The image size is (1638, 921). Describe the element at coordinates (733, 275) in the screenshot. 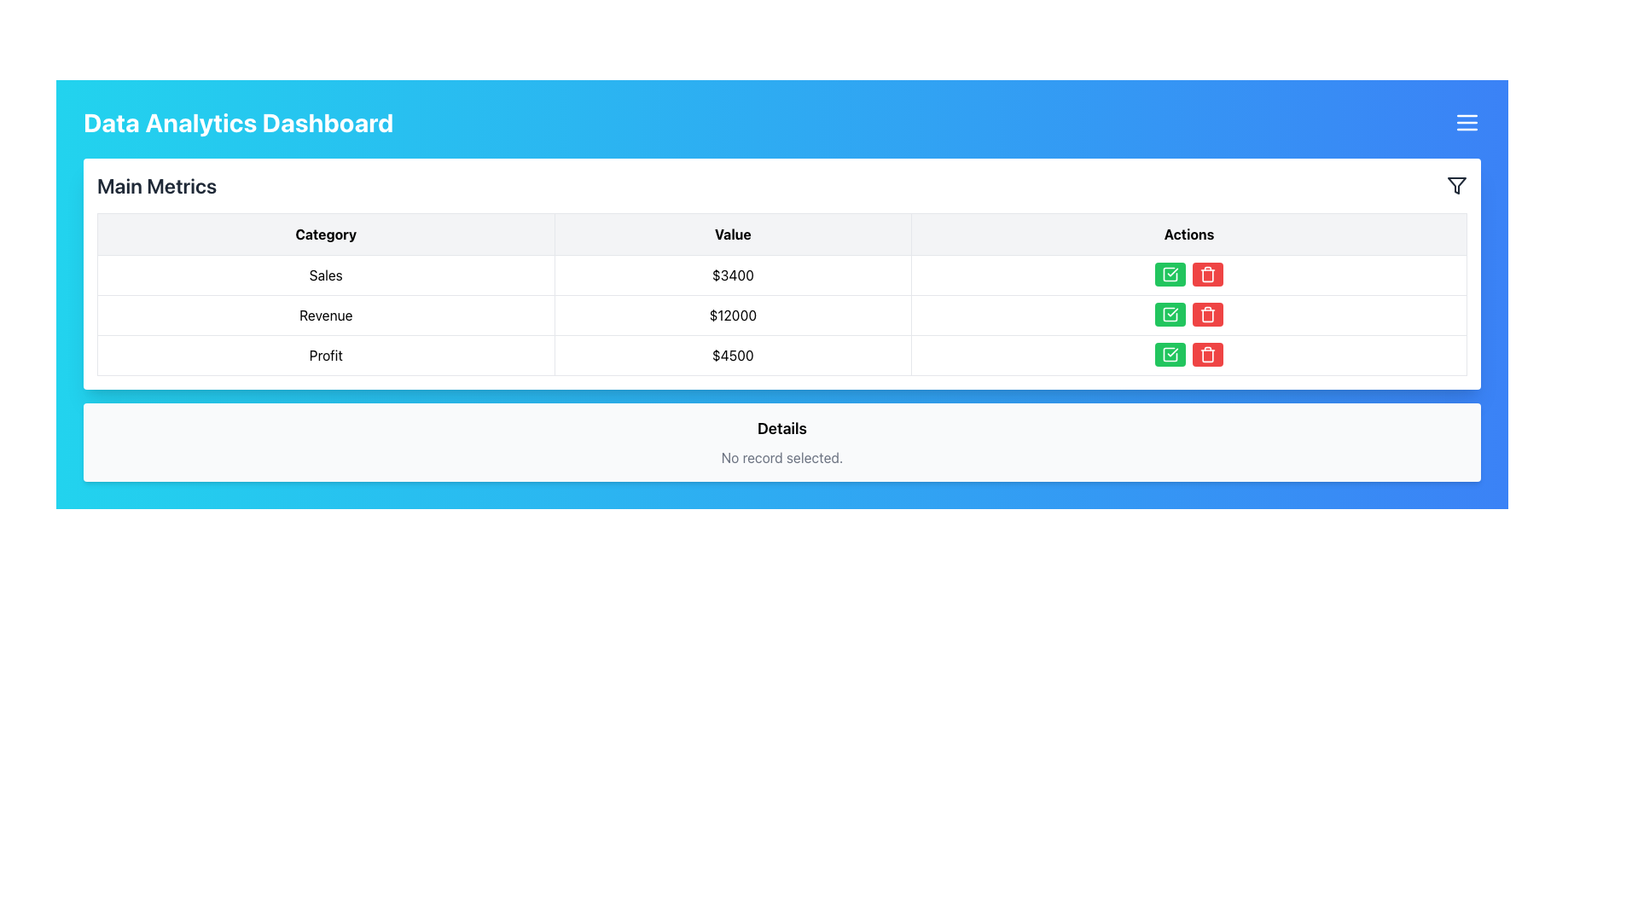

I see `the Text element displaying '$3400' located in the 'Value' column under the 'Sales' category in the table` at that location.